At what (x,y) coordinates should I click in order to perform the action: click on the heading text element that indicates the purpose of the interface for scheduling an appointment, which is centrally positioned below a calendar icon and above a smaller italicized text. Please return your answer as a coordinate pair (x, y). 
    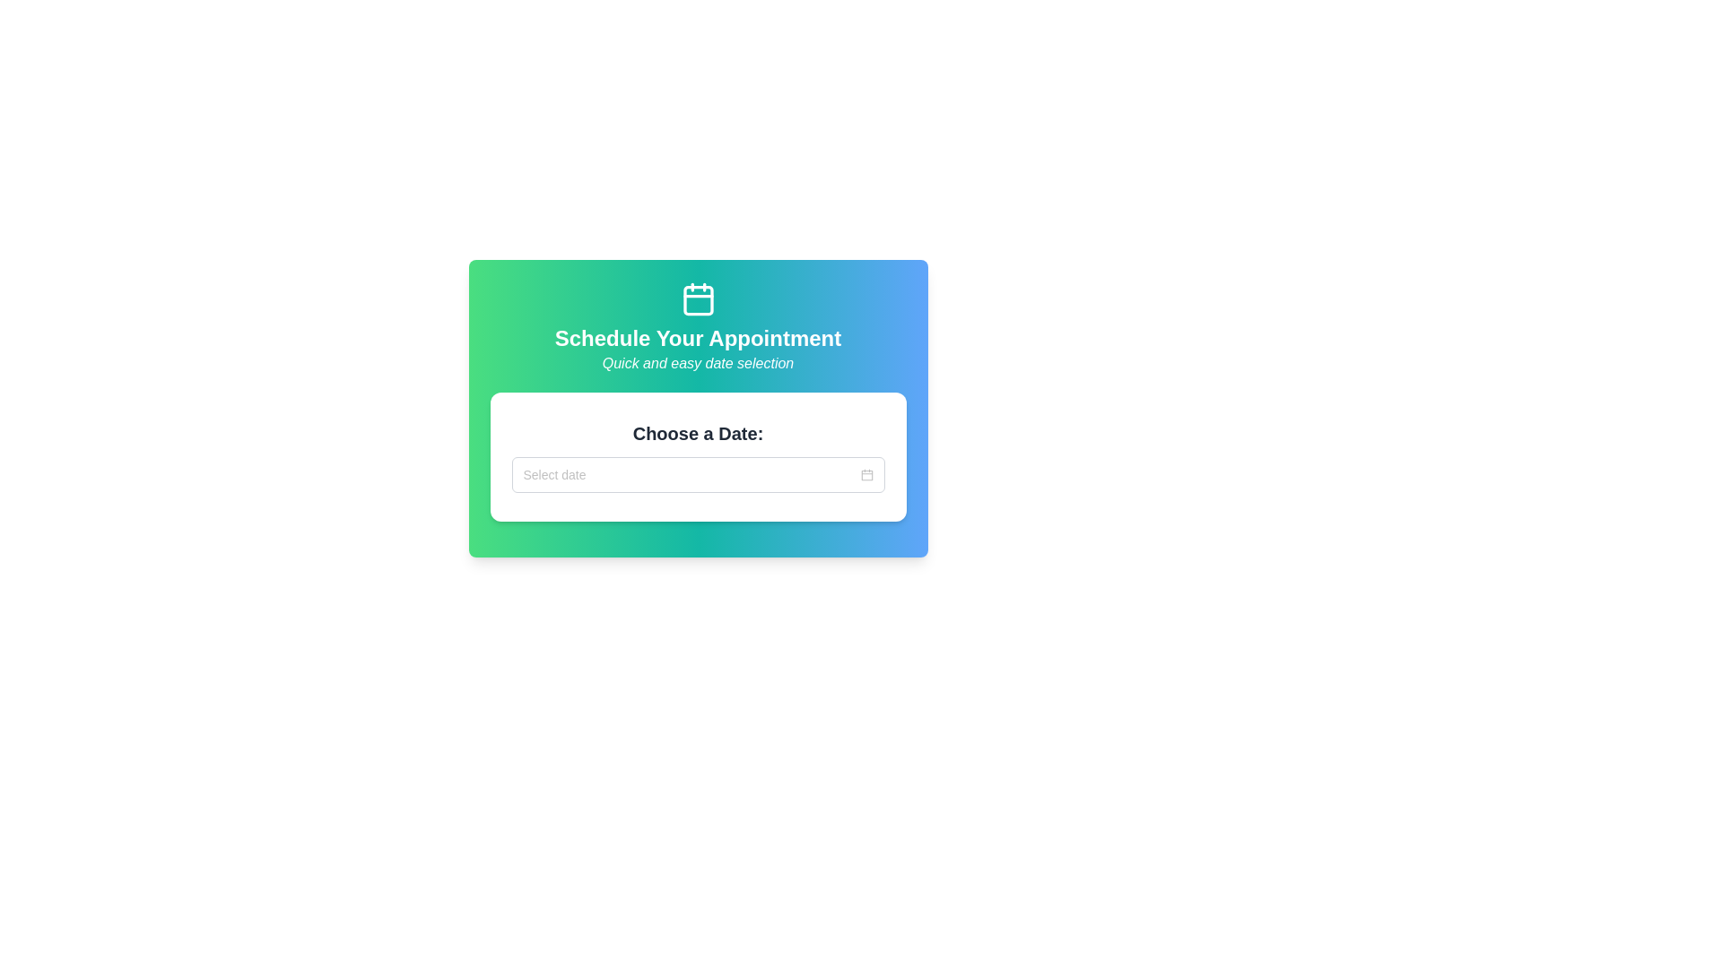
    Looking at the image, I should click on (697, 339).